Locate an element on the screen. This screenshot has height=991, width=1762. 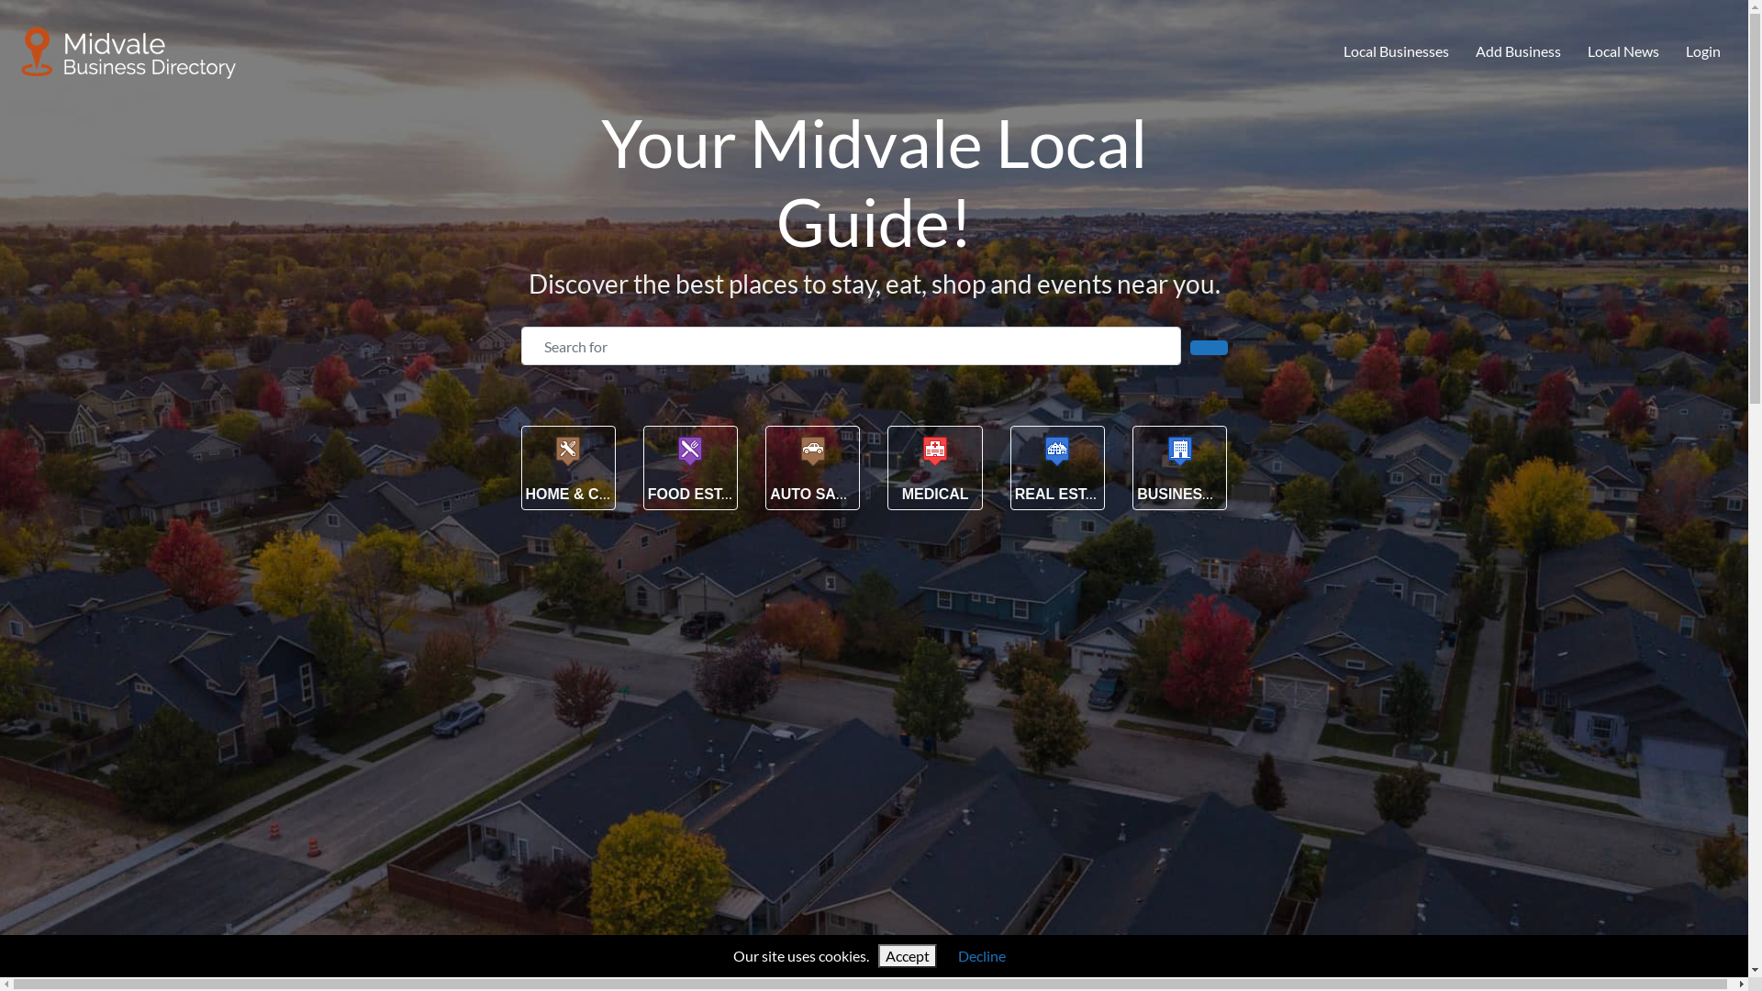
'AUTO SALES & SERVICE' is located at coordinates (857, 493).